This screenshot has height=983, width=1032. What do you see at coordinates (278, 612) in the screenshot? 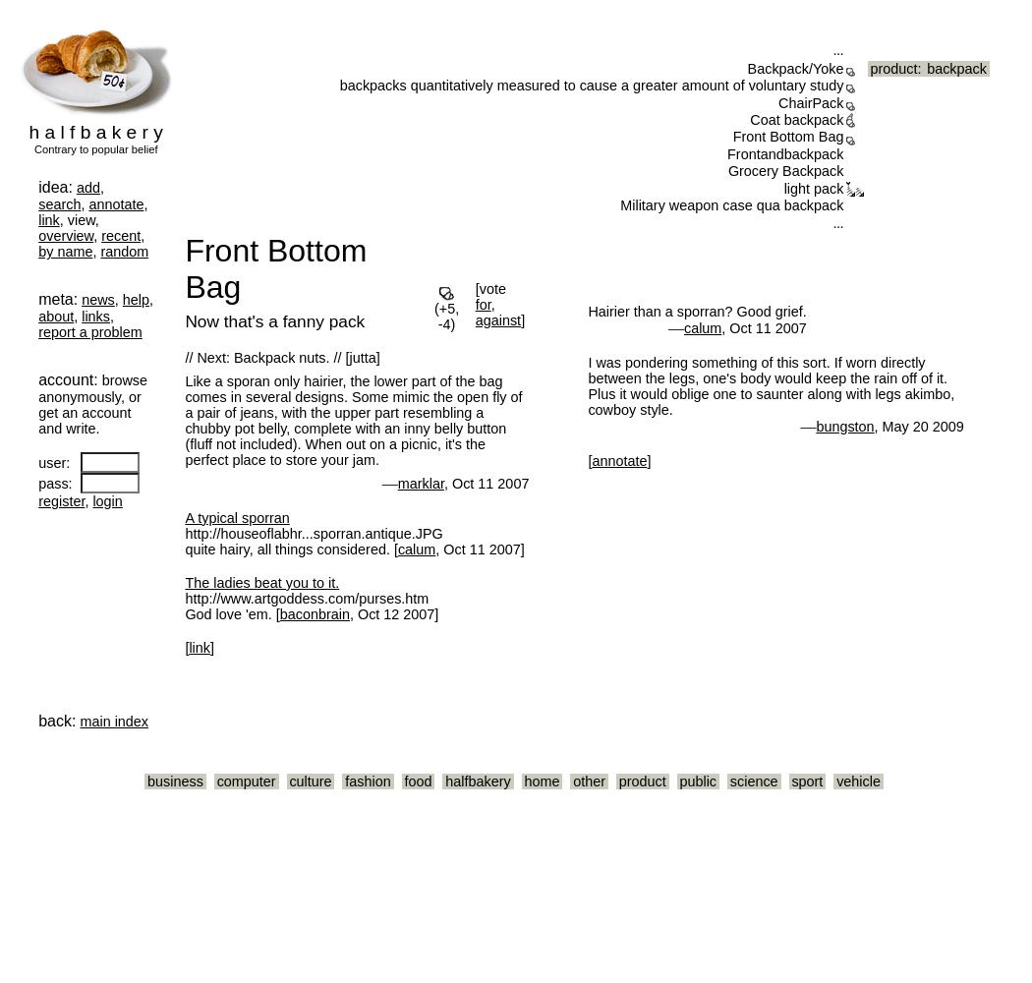
I see `'baconbrain'` at bounding box center [278, 612].